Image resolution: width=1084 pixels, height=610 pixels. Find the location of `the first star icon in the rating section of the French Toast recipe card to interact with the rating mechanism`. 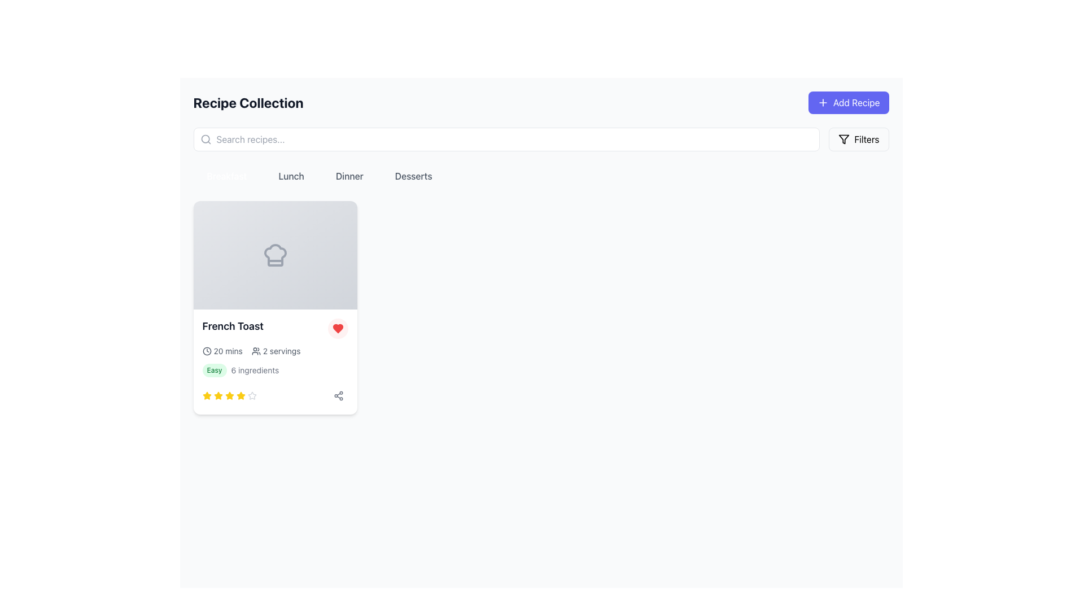

the first star icon in the rating section of the French Toast recipe card to interact with the rating mechanism is located at coordinates (207, 395).